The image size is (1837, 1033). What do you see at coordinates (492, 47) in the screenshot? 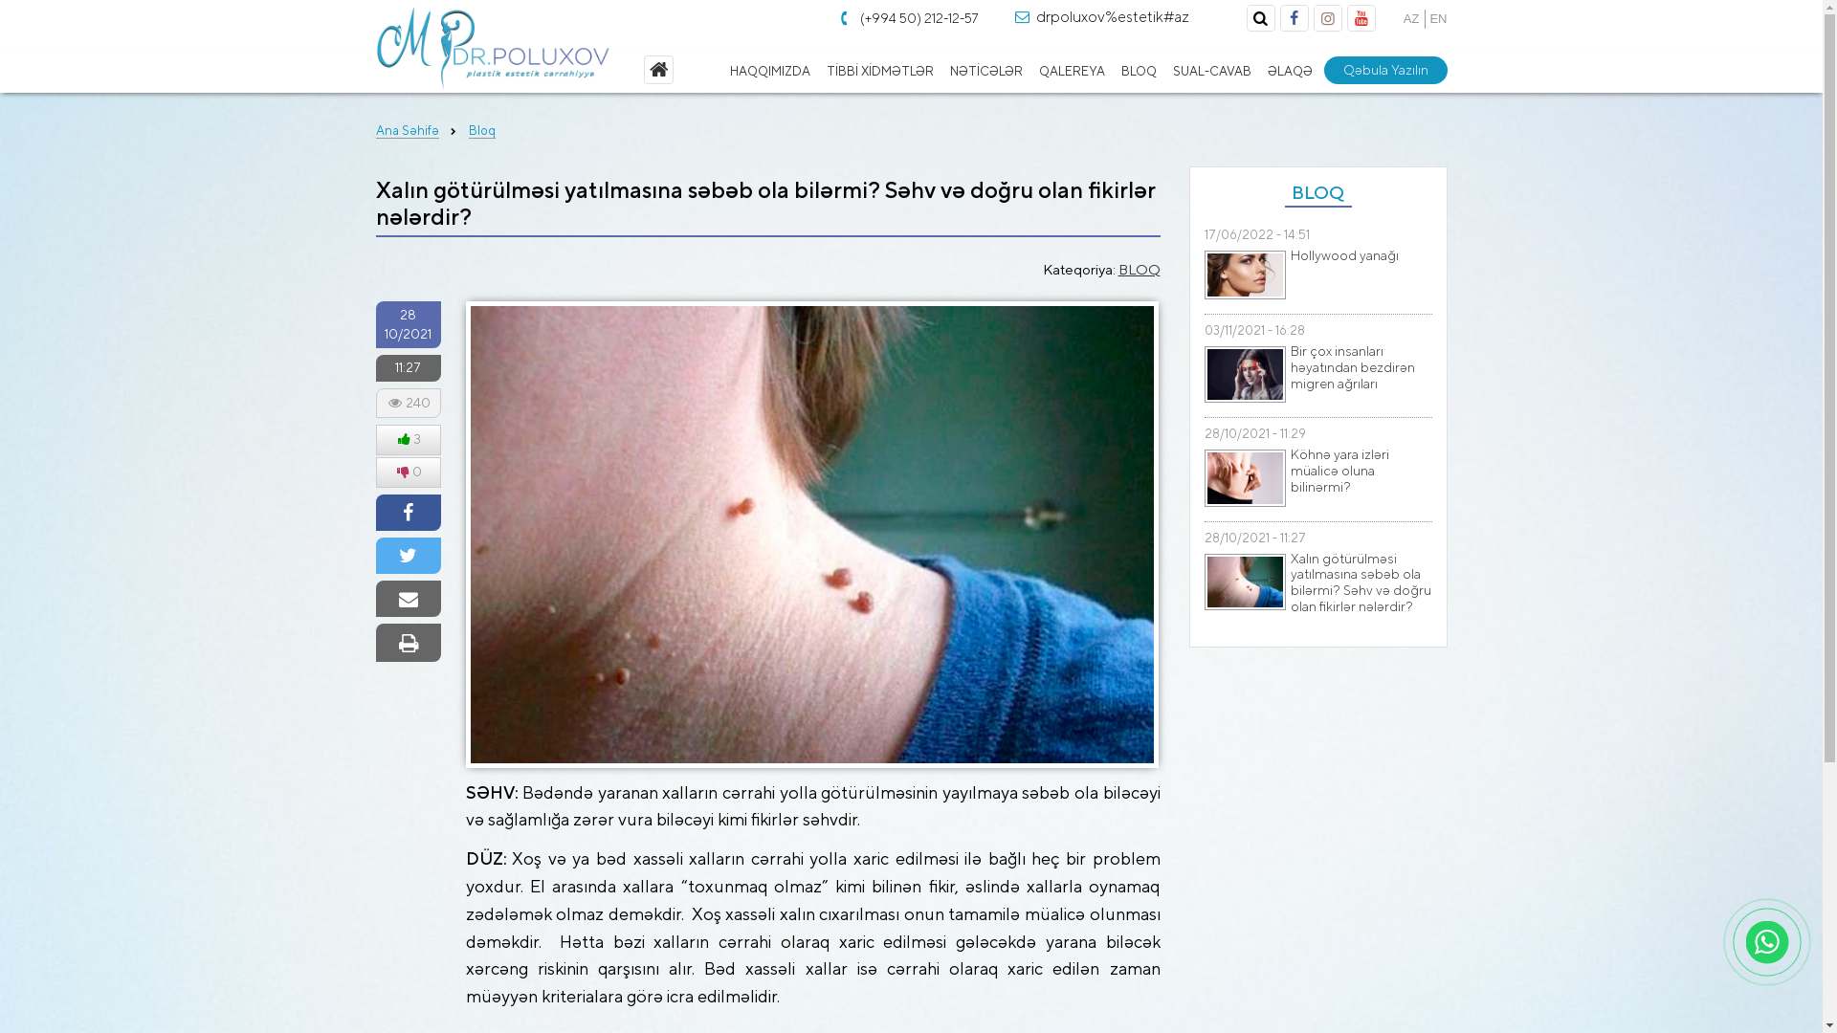
I see `'Dr.Poluxov'` at bounding box center [492, 47].